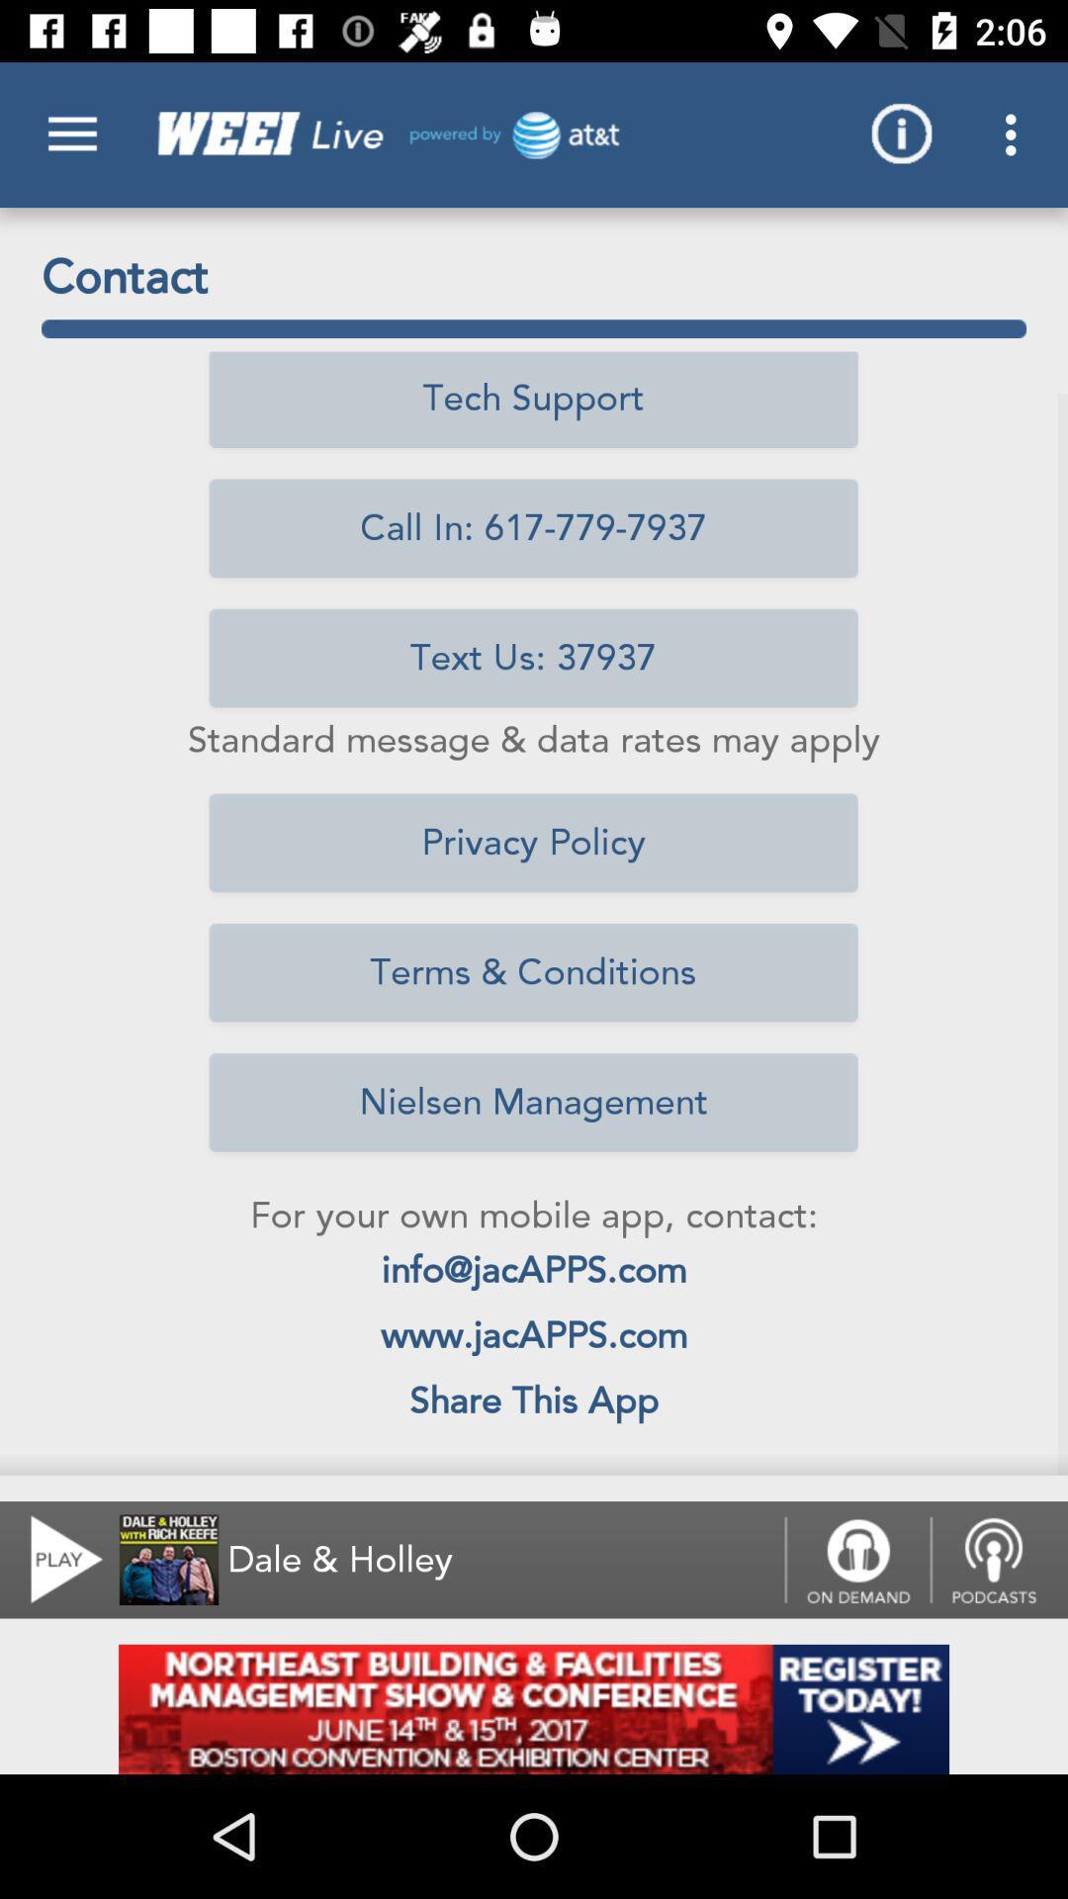  Describe the element at coordinates (53, 1559) in the screenshot. I see `the play icon` at that location.